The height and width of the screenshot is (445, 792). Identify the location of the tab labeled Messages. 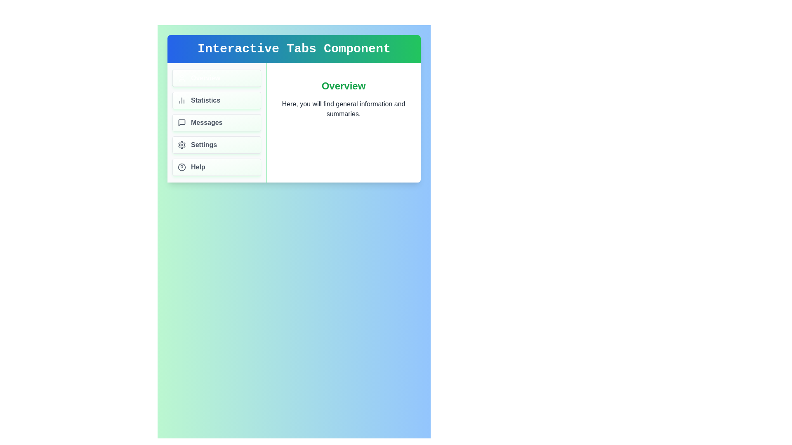
(217, 122).